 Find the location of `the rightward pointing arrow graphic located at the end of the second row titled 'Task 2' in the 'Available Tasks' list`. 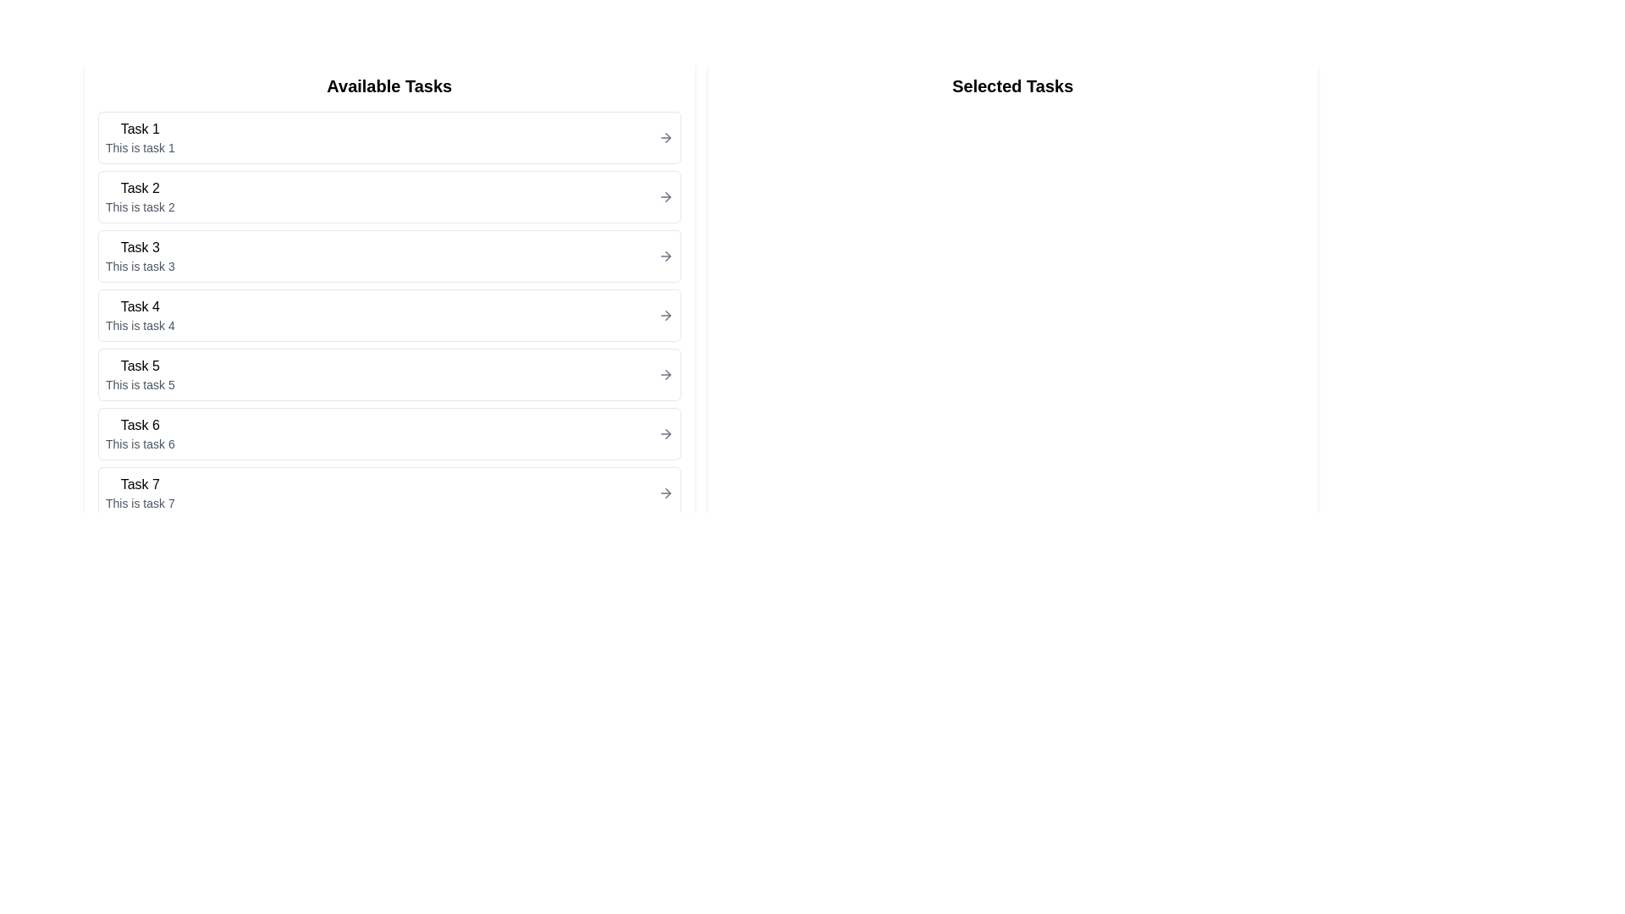

the rightward pointing arrow graphic located at the end of the second row titled 'Task 2' in the 'Available Tasks' list is located at coordinates (667, 195).